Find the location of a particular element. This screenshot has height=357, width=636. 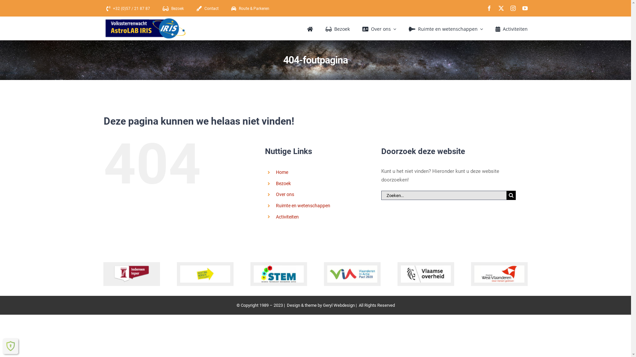

'Route & Parkeren' is located at coordinates (229, 9).